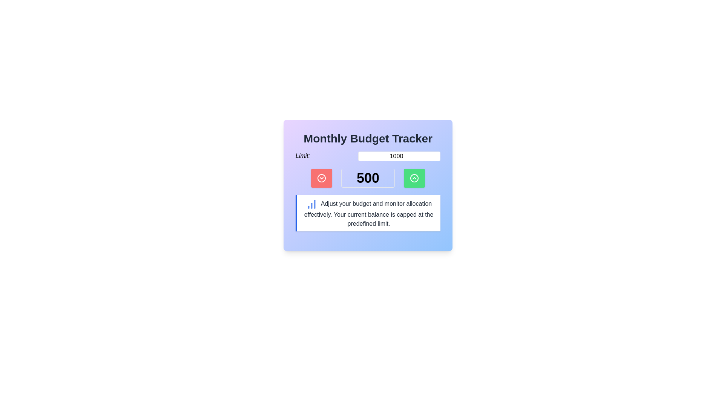  What do you see at coordinates (303, 156) in the screenshot?
I see `the static label text that indicates a limit for the adjacent input field displaying '1000'` at bounding box center [303, 156].